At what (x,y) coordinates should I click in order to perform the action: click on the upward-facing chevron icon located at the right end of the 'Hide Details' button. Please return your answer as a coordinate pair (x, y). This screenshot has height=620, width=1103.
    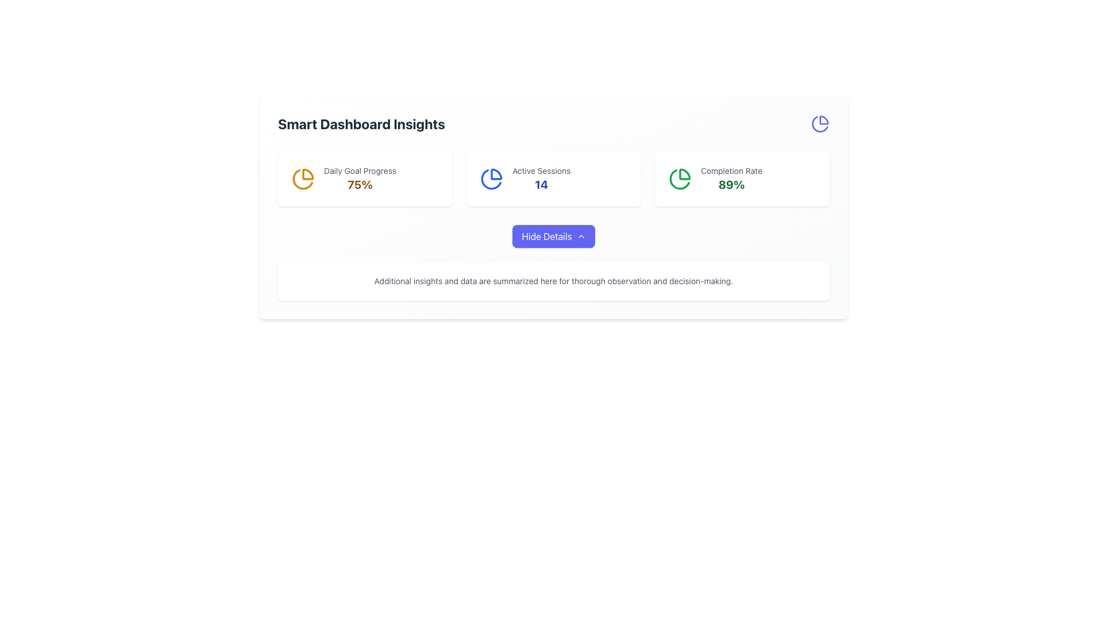
    Looking at the image, I should click on (581, 236).